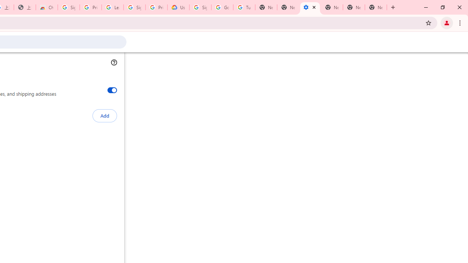  I want to click on 'Sign in - Google Accounts', so click(200, 7).